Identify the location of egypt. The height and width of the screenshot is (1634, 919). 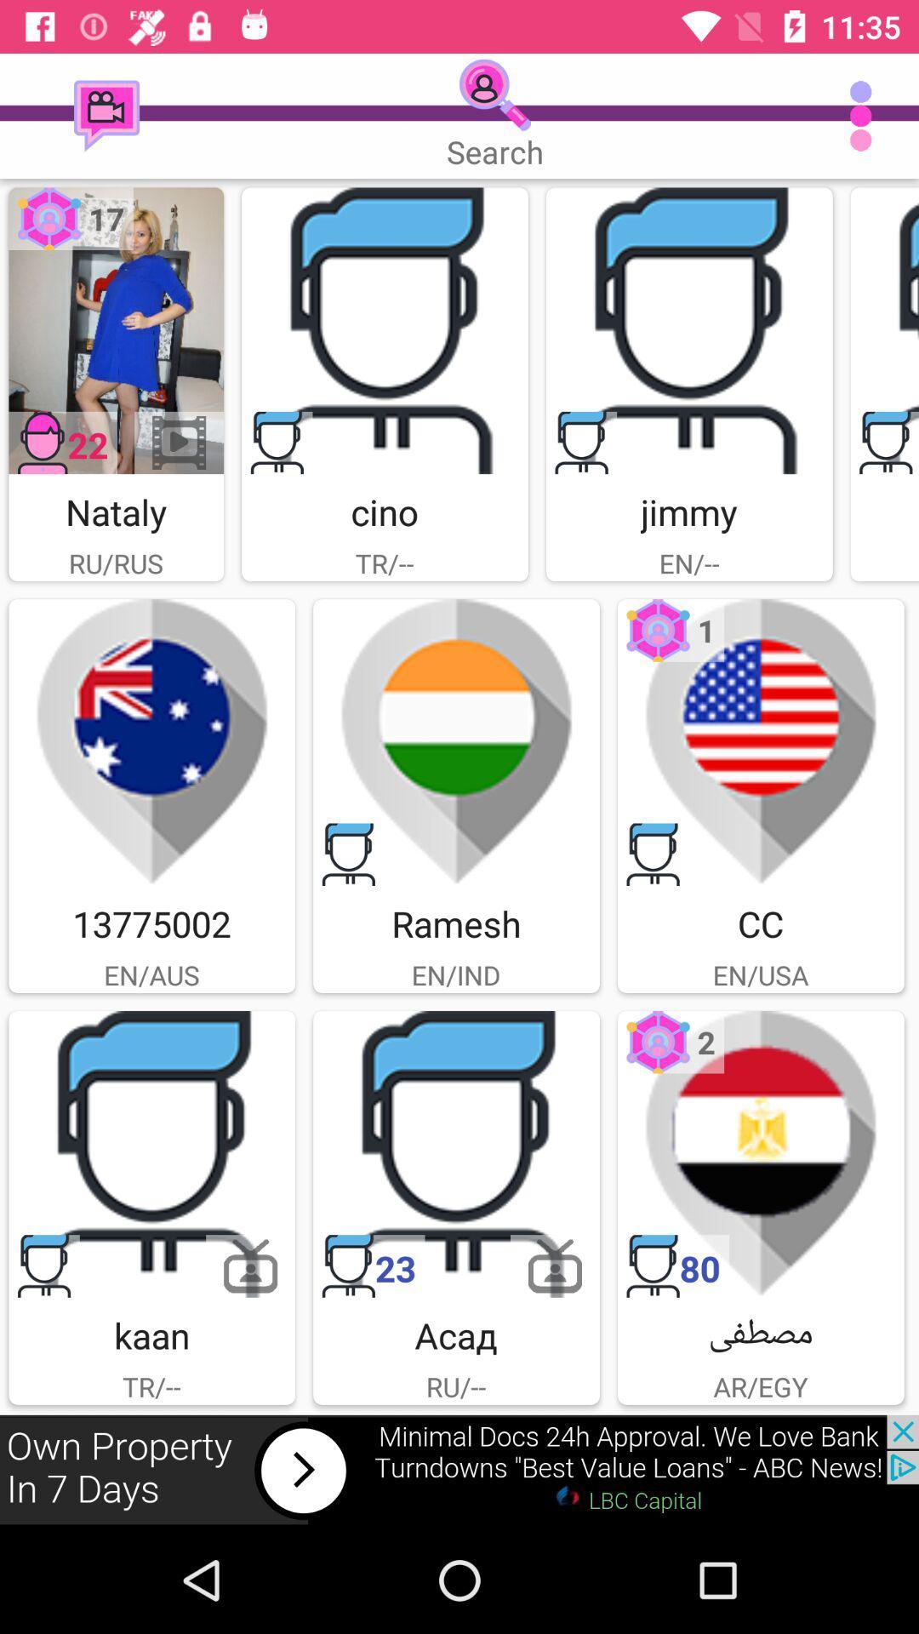
(760, 1154).